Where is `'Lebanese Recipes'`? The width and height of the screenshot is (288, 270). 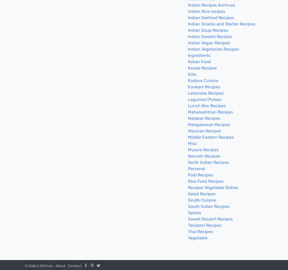 'Lebanese Recipes' is located at coordinates (206, 93).